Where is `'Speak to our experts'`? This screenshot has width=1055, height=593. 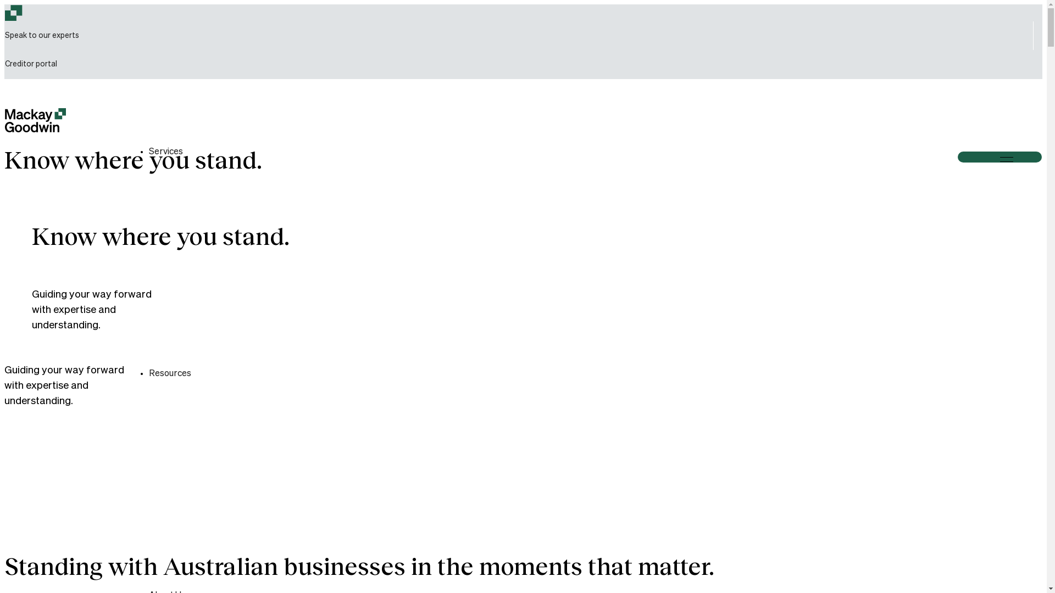 'Speak to our experts' is located at coordinates (42, 35).